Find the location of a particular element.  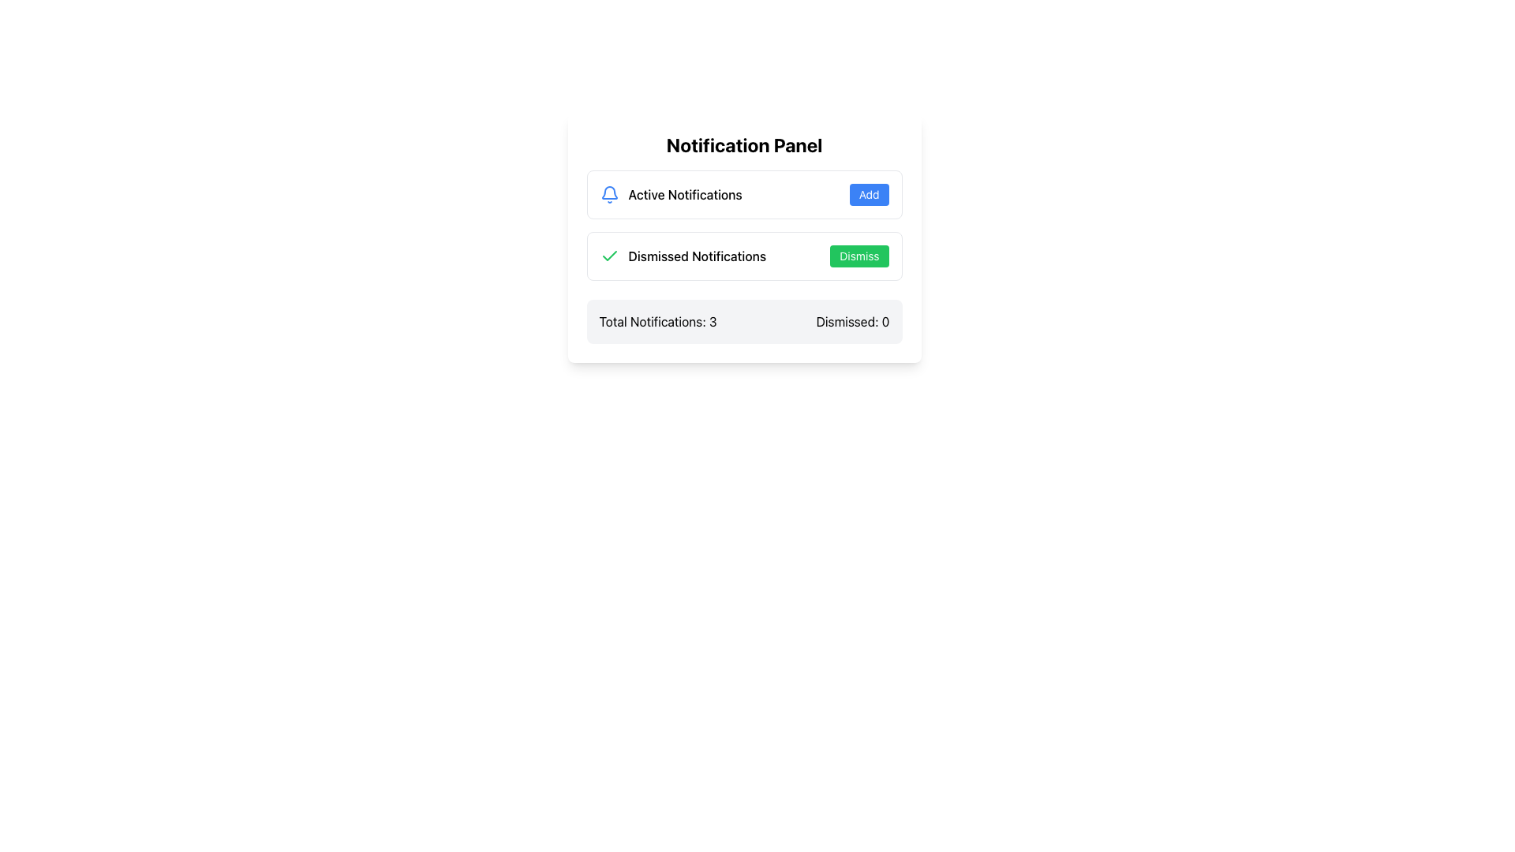

the Label with Icon that identifies the section related to active notifications, located to the left of the 'Add' button in the Notification Panel is located at coordinates (671, 193).